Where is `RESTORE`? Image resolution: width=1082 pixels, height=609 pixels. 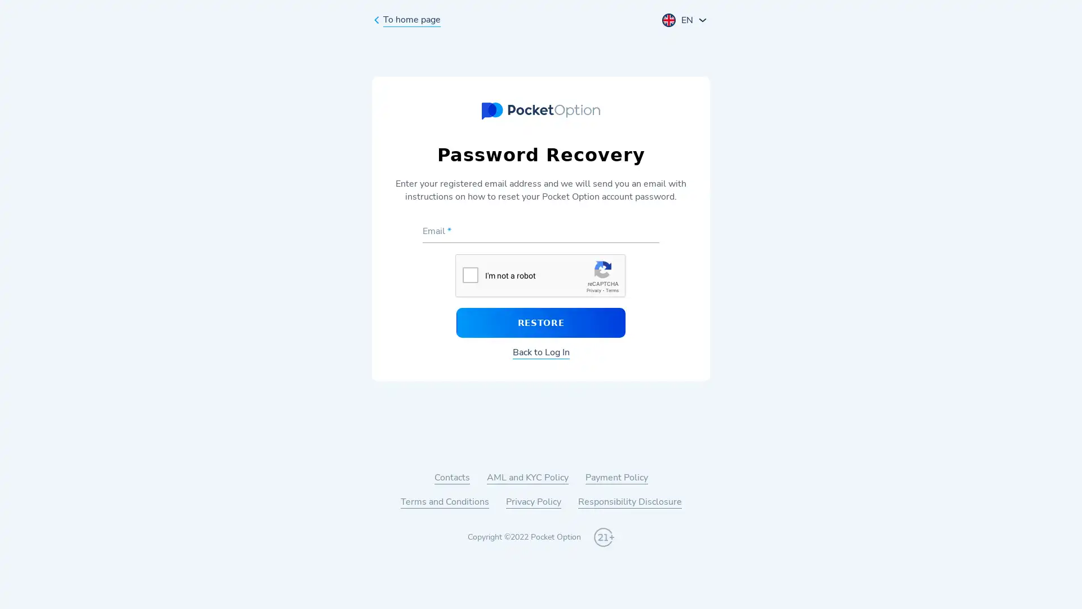 RESTORE is located at coordinates (541, 323).